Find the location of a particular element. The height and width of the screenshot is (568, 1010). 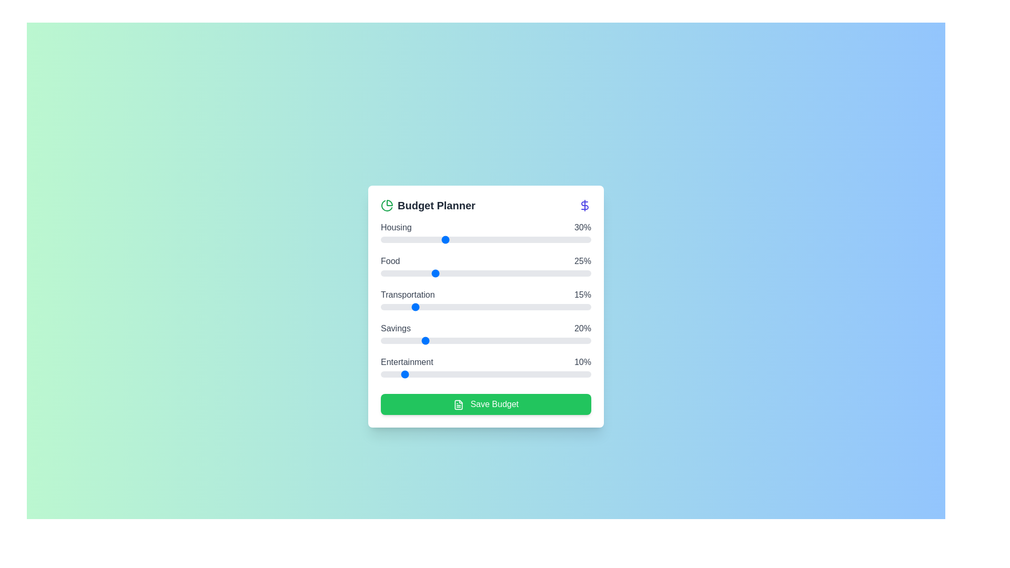

the slider for 'Entertainment' to set its percentage to 63 is located at coordinates (513, 374).